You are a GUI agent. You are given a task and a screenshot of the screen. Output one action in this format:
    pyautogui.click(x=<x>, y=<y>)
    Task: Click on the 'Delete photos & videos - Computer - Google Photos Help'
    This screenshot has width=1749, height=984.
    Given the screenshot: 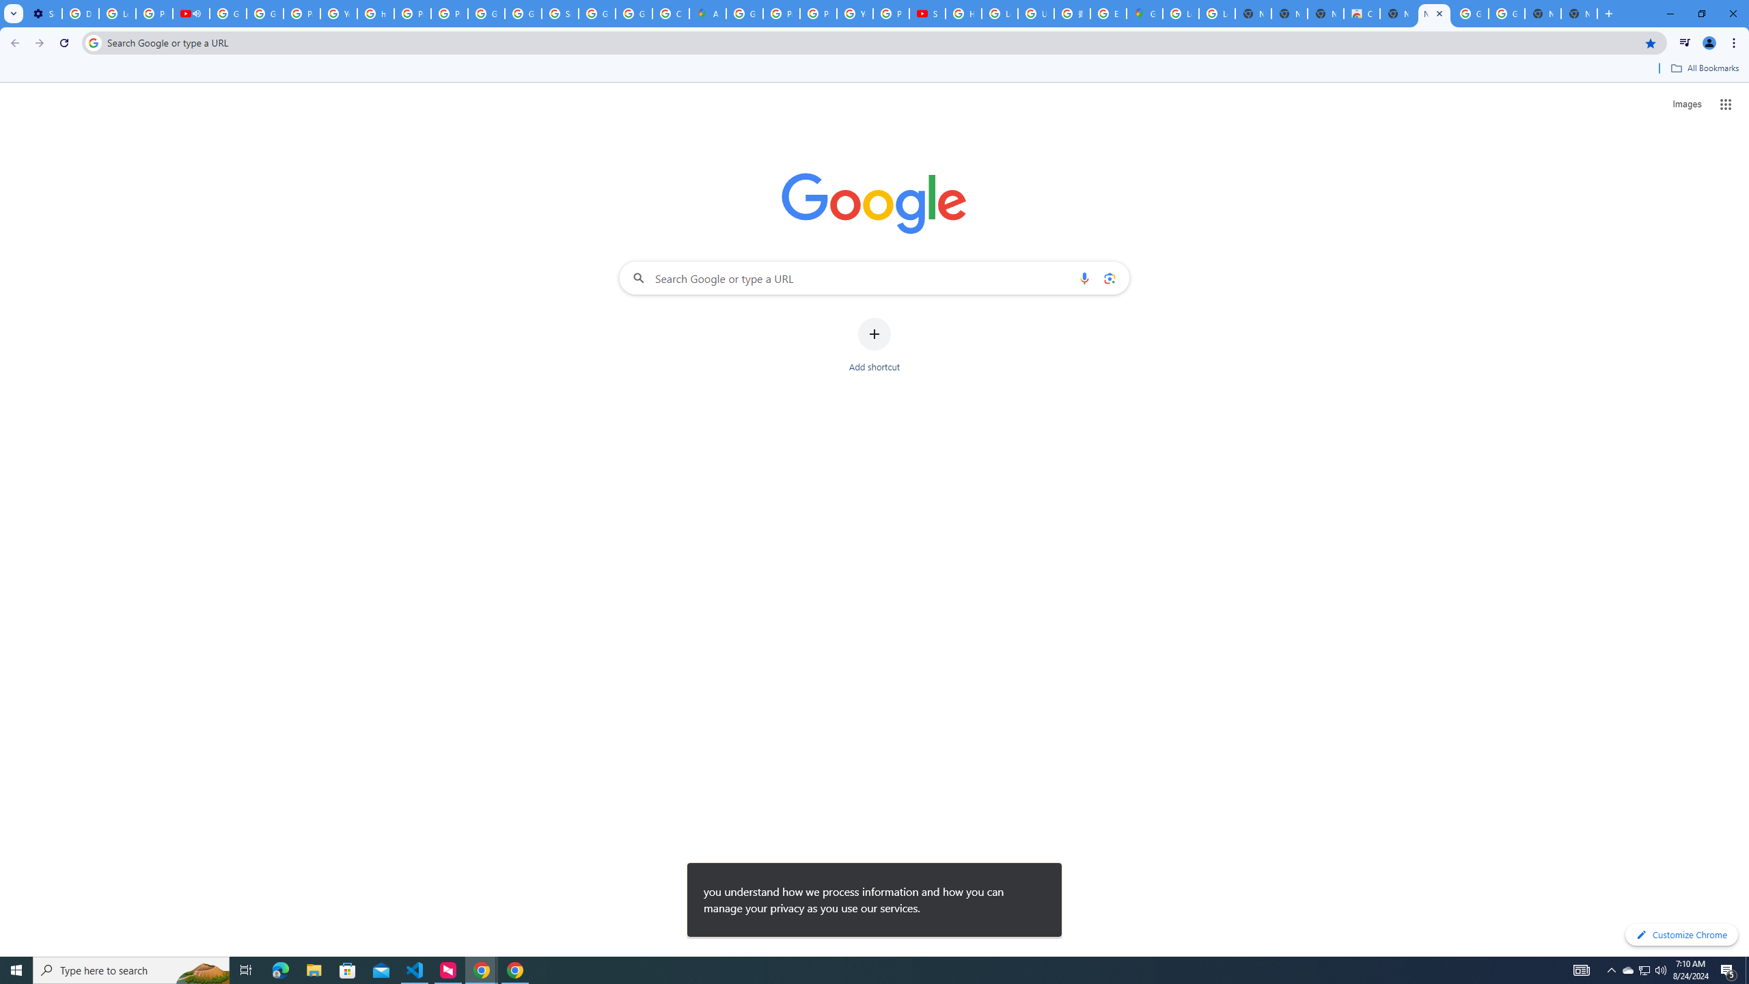 What is the action you would take?
    pyautogui.click(x=80, y=13)
    